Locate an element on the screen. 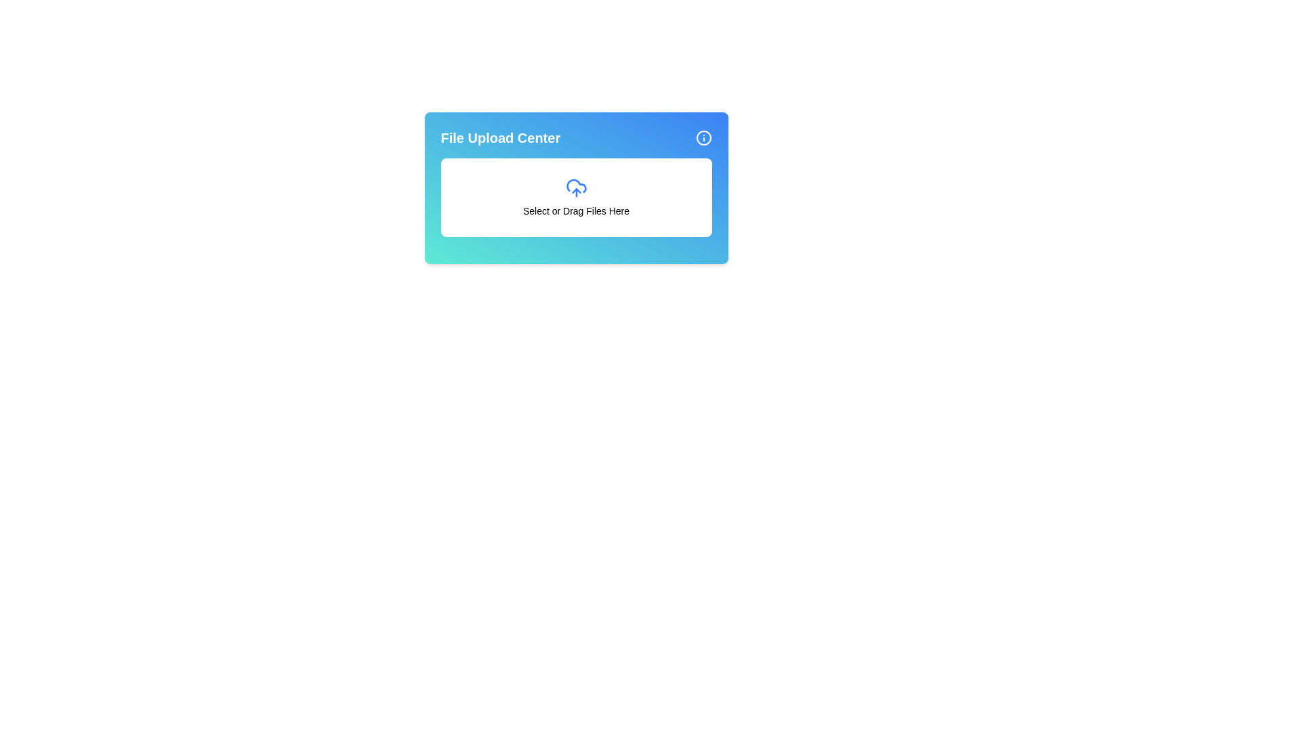 This screenshot has width=1301, height=731. the 'File Upload Center' interface component, which features a gradient background, bold white text, an upload cloud icon, and a text label for file selection is located at coordinates (576, 187).